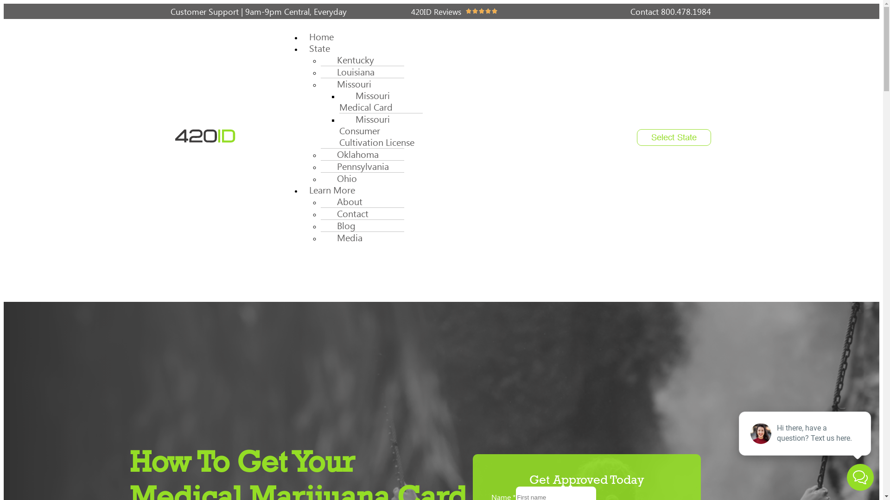 This screenshot has height=500, width=890. What do you see at coordinates (344, 201) in the screenshot?
I see `'About'` at bounding box center [344, 201].